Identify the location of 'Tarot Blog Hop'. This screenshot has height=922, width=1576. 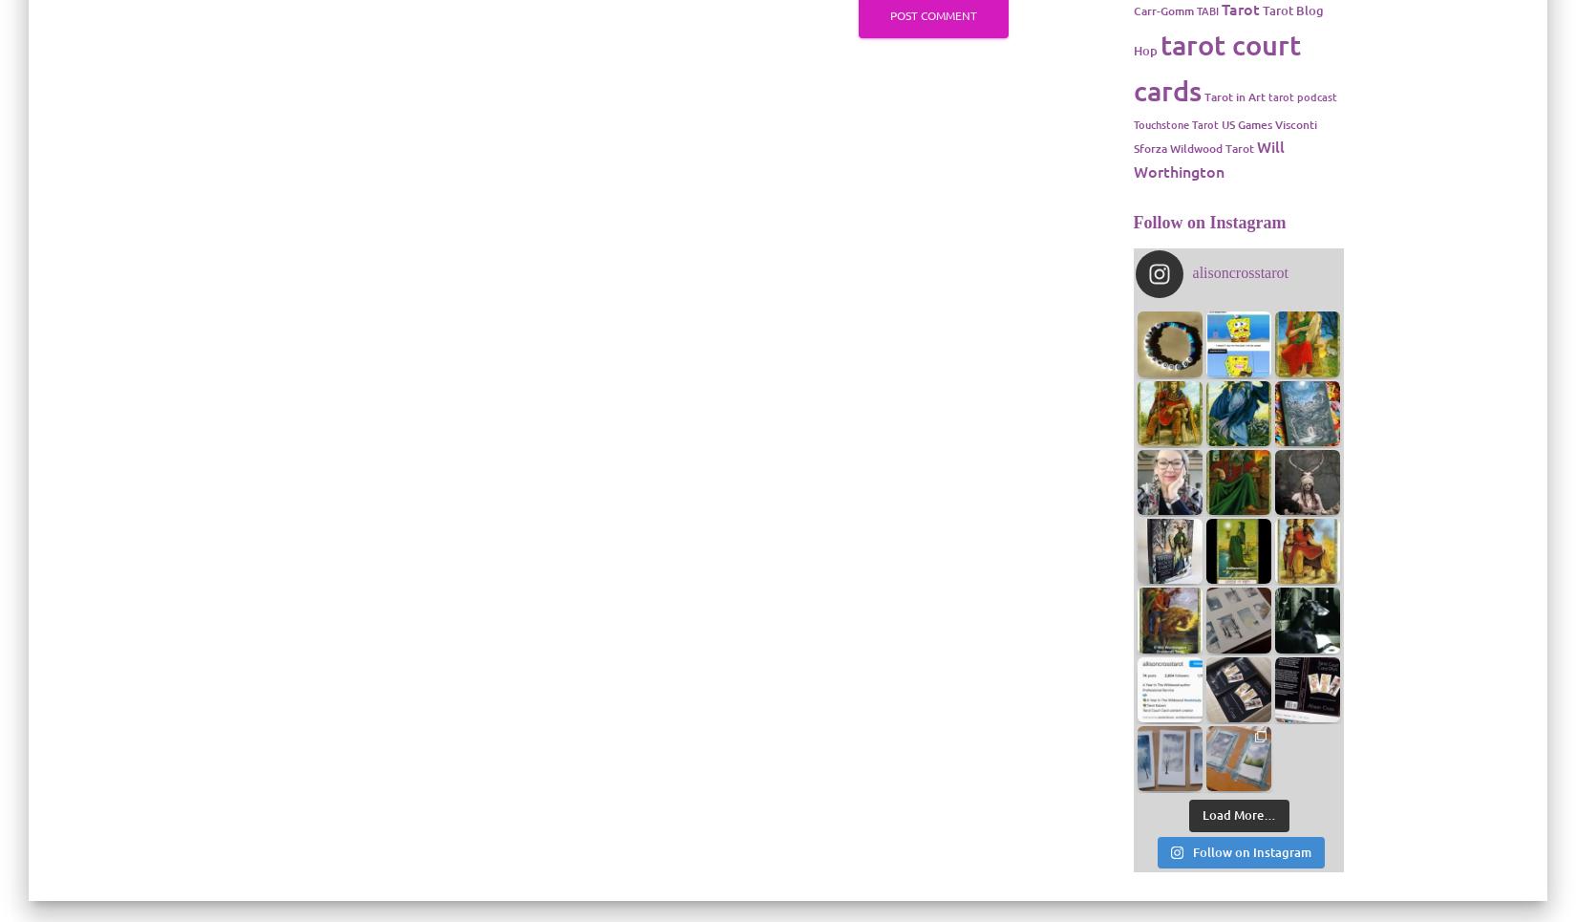
(1226, 30).